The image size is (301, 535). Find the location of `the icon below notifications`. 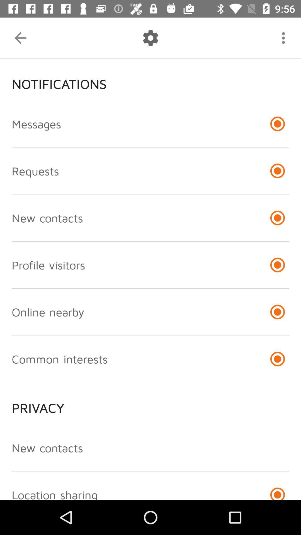

the icon below notifications is located at coordinates (36, 123).